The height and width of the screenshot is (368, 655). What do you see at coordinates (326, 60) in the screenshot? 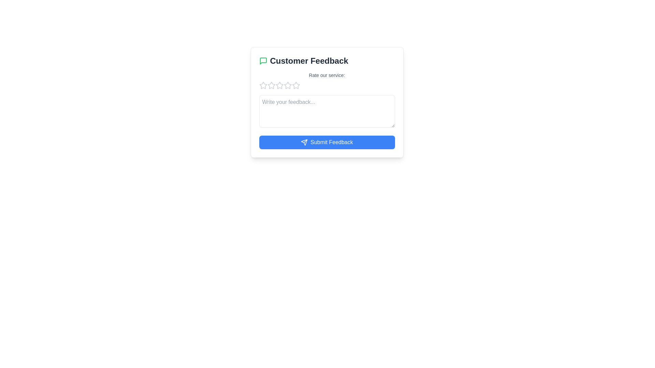
I see `the Text Label with Icon that serves as the header for the feedback section, indicating its purpose to collect user feedback` at bounding box center [326, 60].